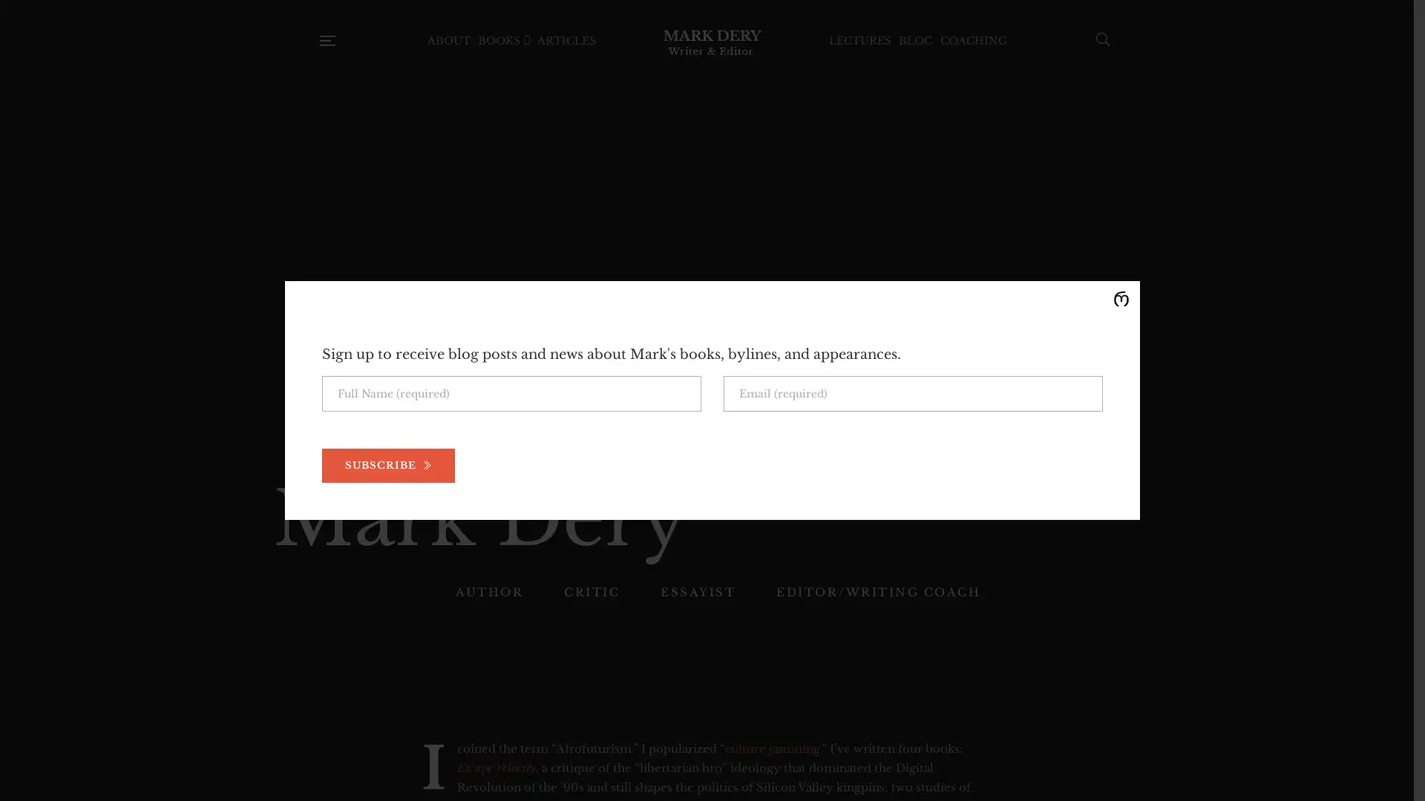 Image resolution: width=1425 pixels, height=801 pixels. Describe the element at coordinates (388, 465) in the screenshot. I see `SUBSCRIBE` at that location.